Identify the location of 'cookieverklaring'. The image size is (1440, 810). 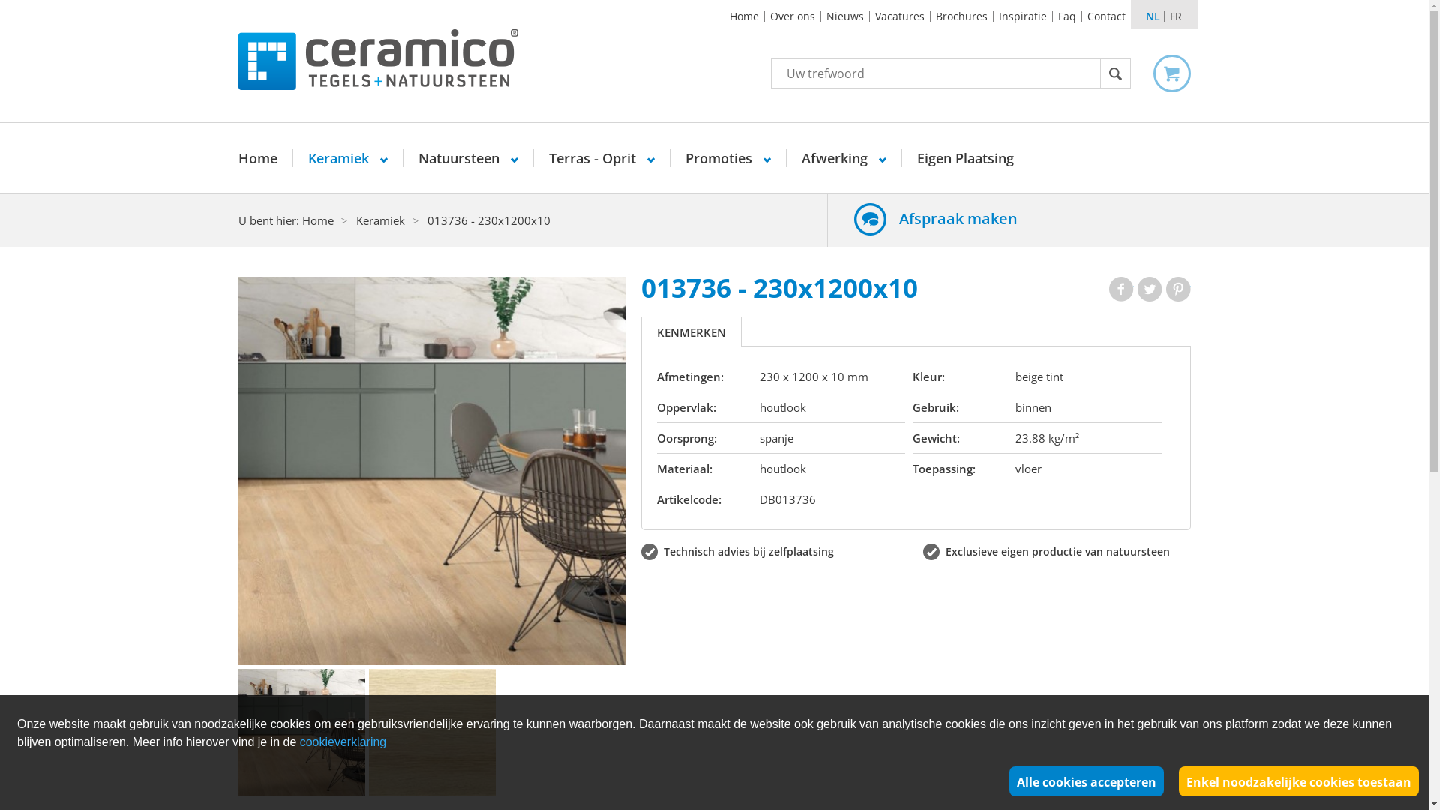
(342, 741).